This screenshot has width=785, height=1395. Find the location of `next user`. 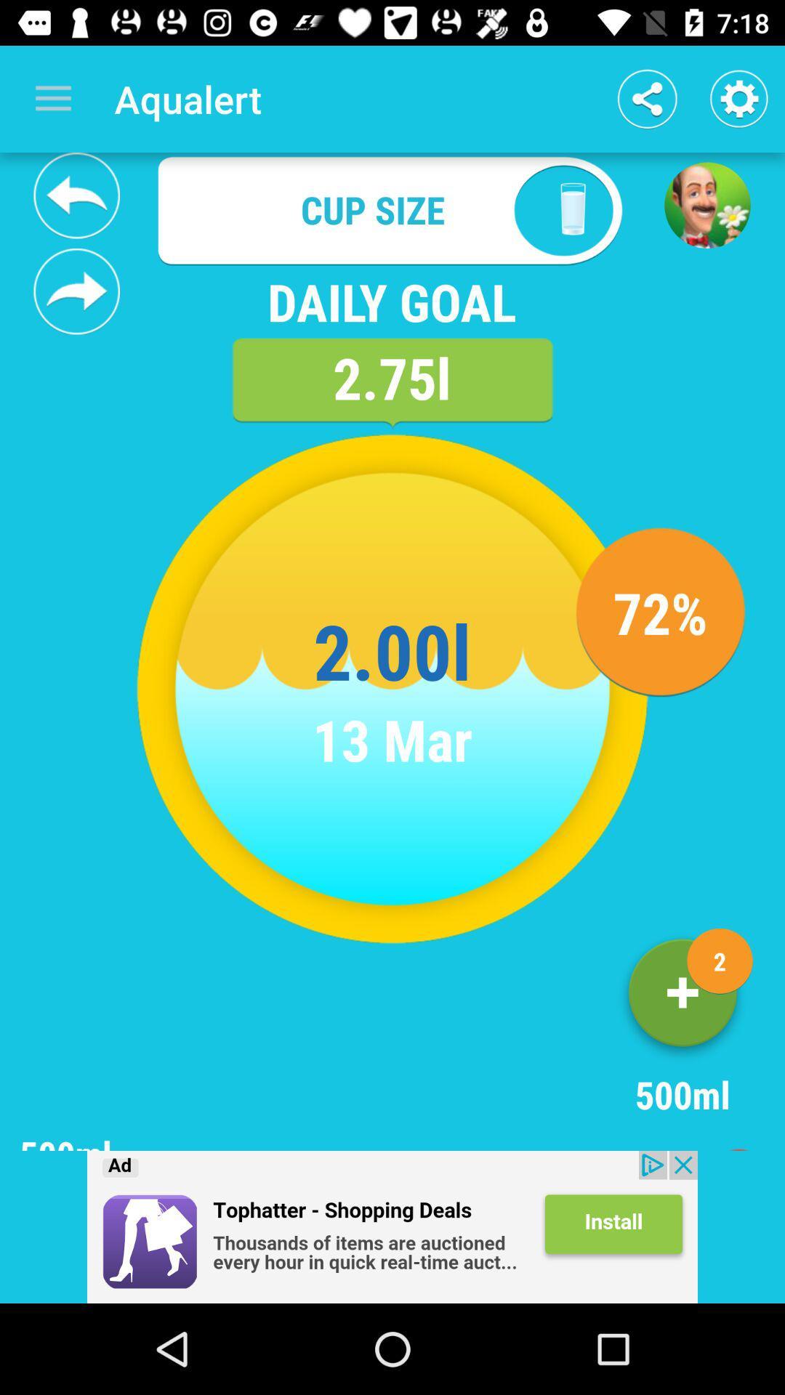

next user is located at coordinates (76, 291).